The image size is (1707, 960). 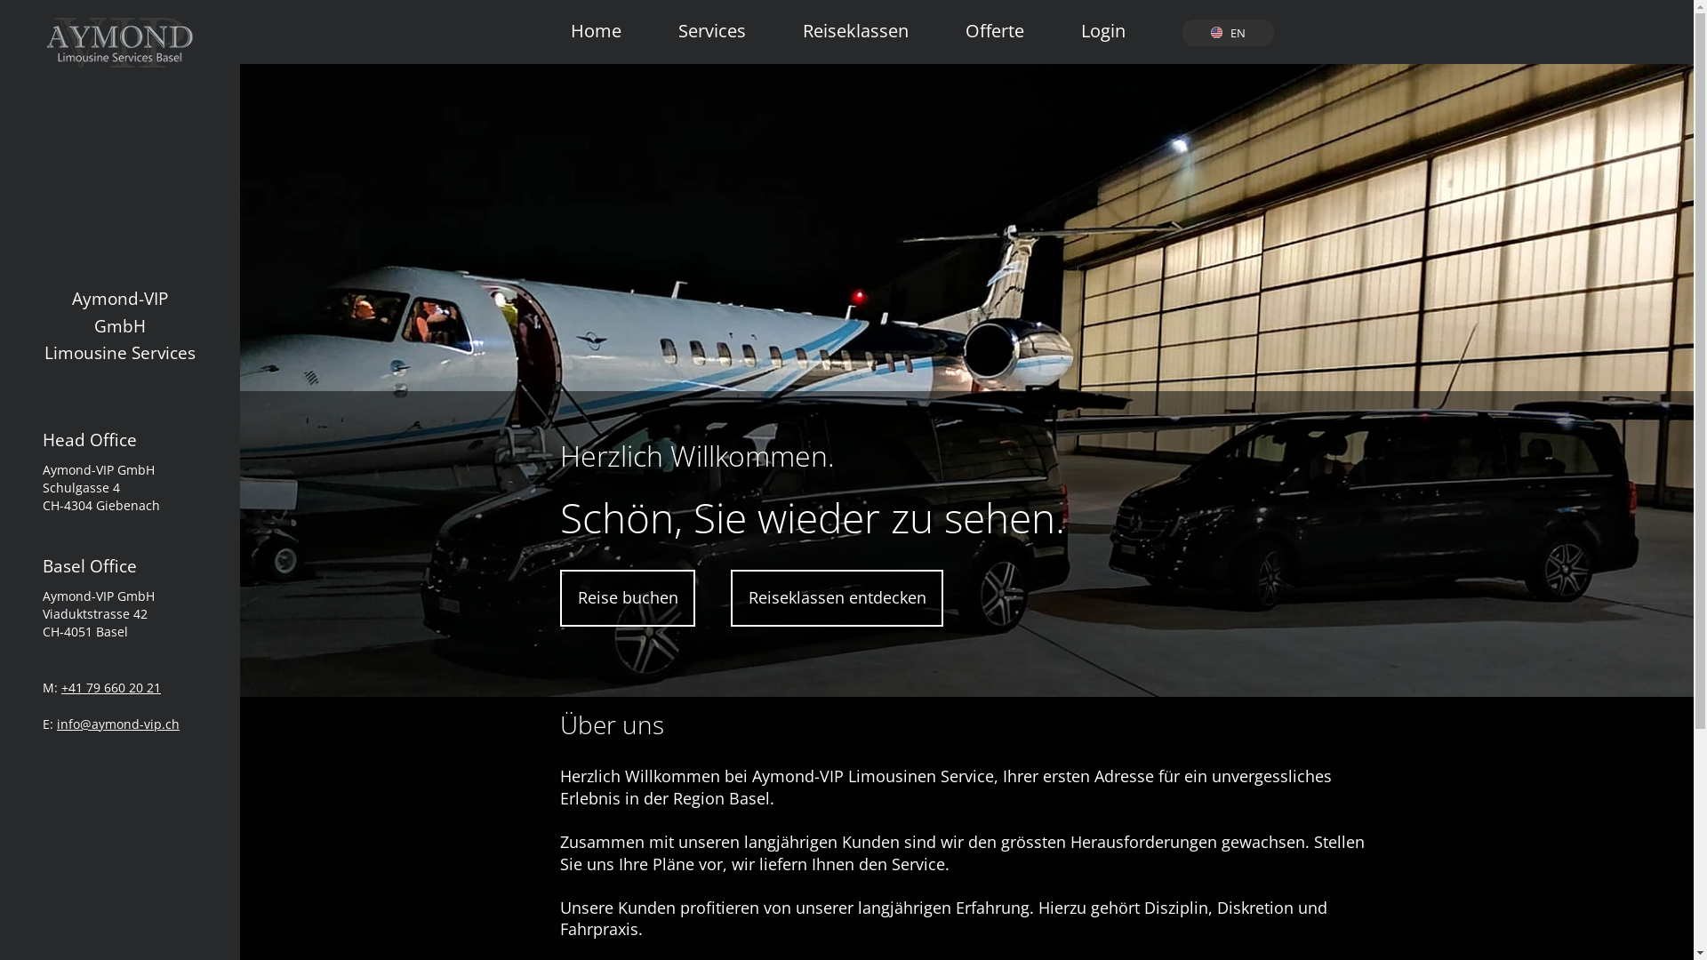 I want to click on 'Services', so click(x=712, y=21).